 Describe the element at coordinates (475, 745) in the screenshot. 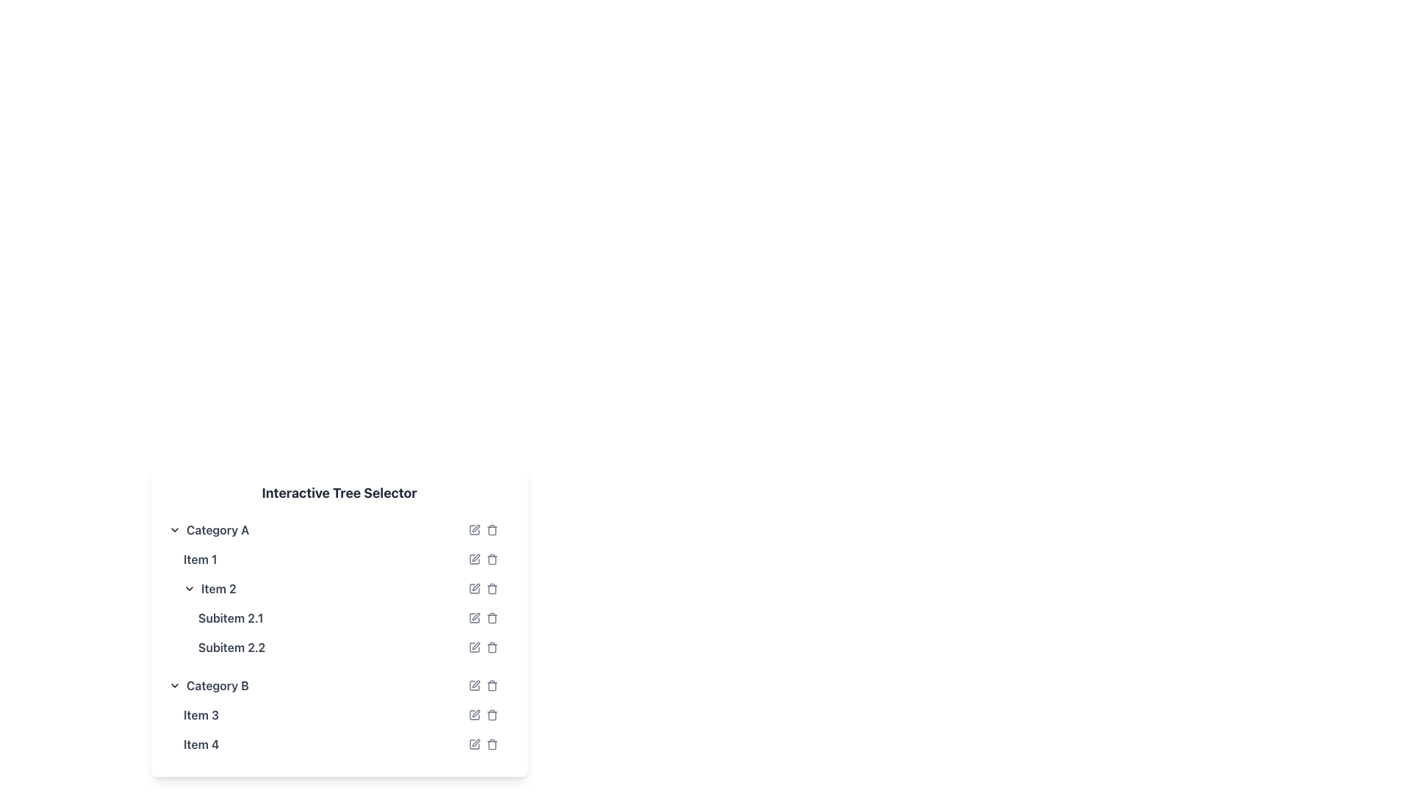

I see `the edit action button icon located to the right of the 'Item 4' label in the 'Interactive Tree Selector' list` at that location.